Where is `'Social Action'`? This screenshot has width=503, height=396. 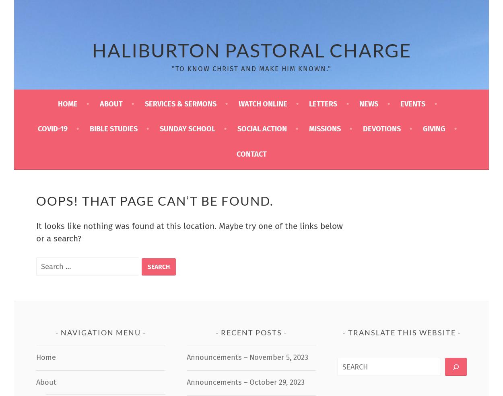 'Social Action' is located at coordinates (262, 129).